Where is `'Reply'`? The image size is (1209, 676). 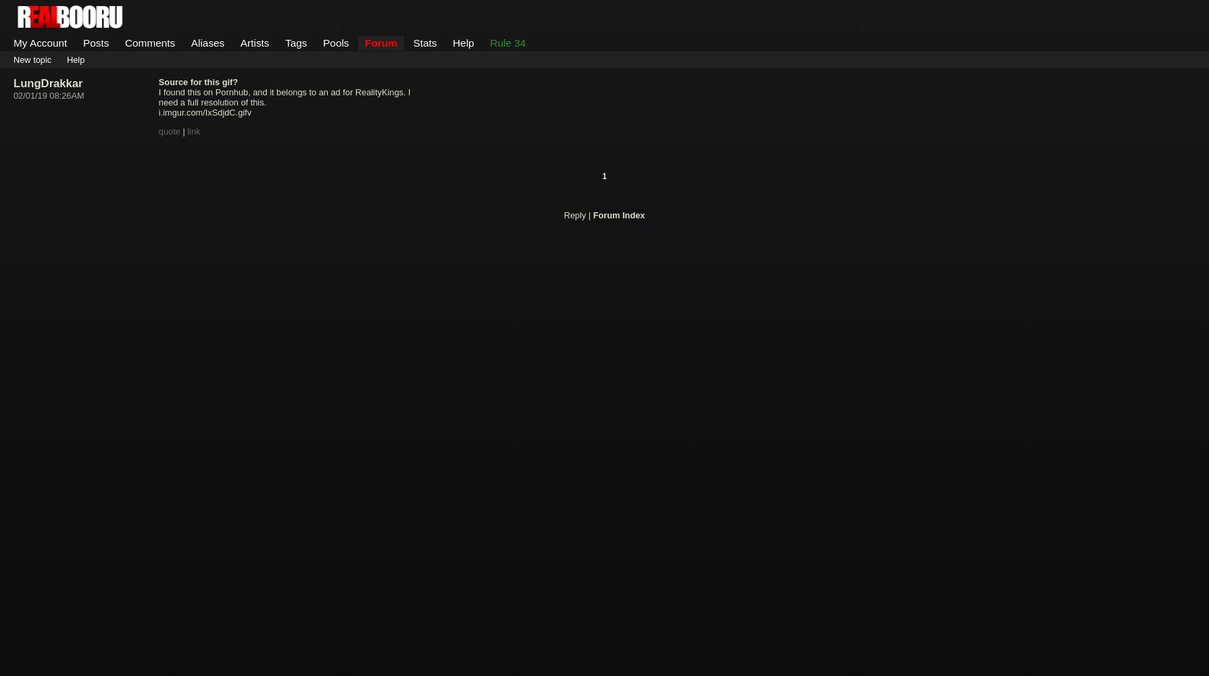
'Reply' is located at coordinates (574, 214).